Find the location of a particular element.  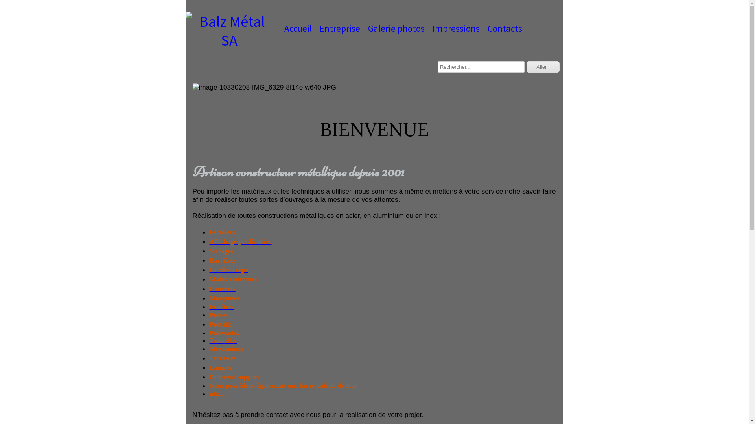

'Portails' is located at coordinates (220, 324).